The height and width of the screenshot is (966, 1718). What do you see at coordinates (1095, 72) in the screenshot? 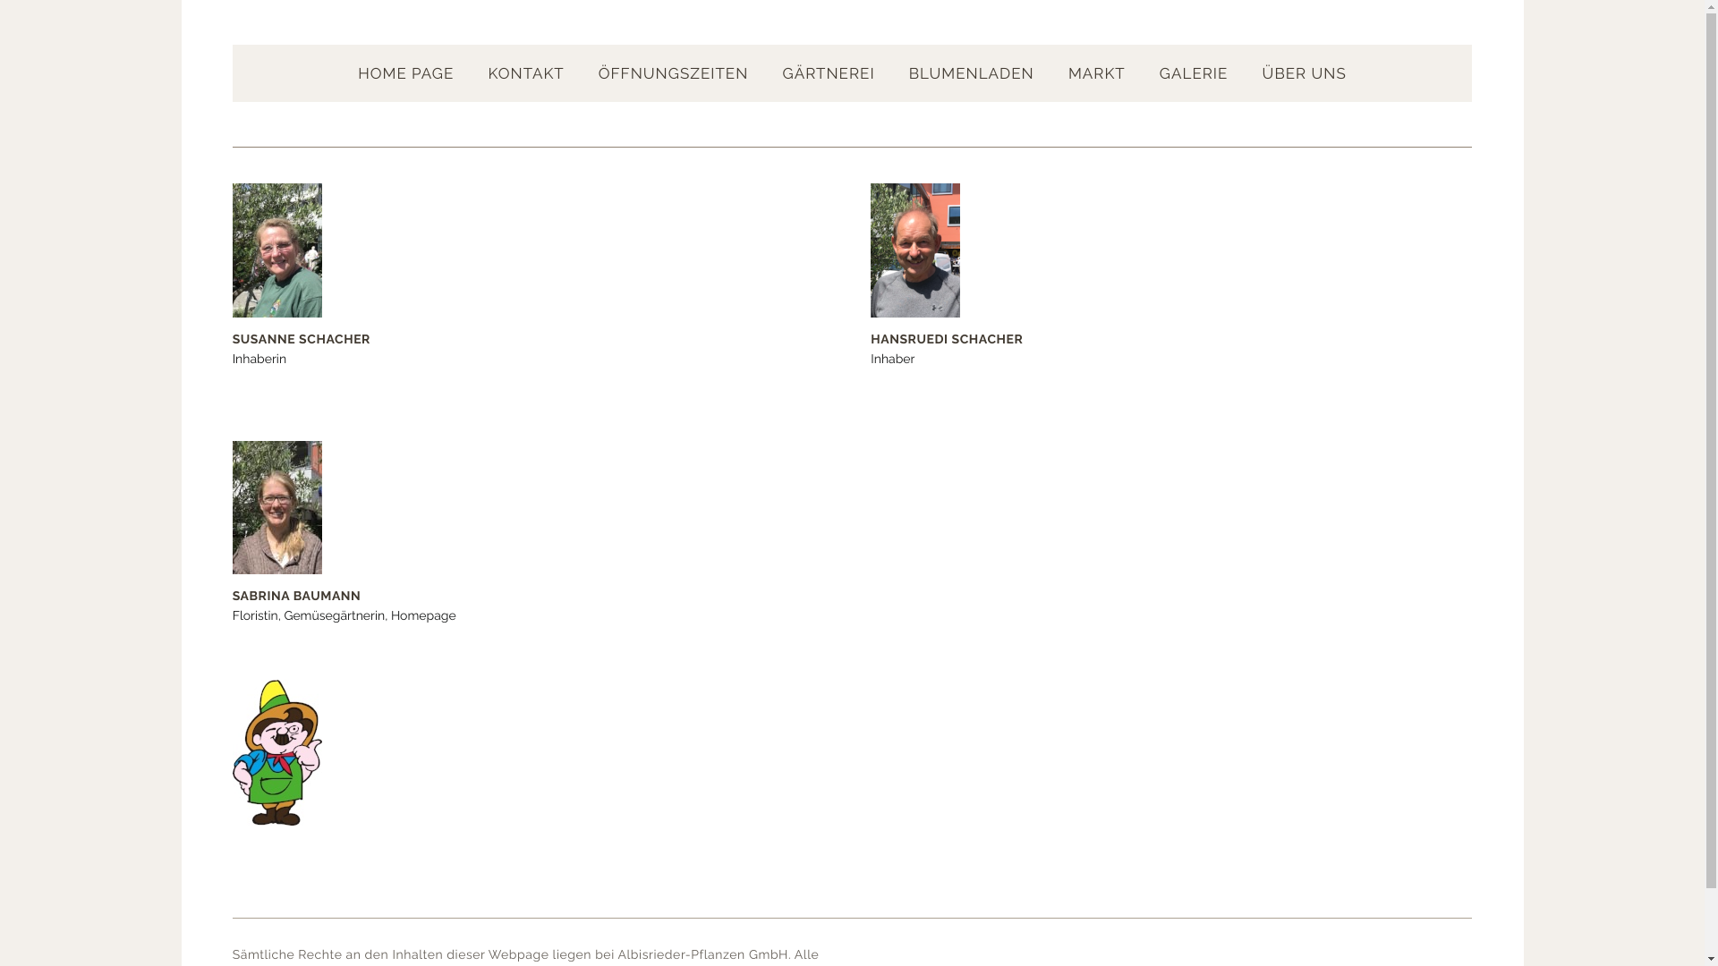
I see `'MARKT'` at bounding box center [1095, 72].